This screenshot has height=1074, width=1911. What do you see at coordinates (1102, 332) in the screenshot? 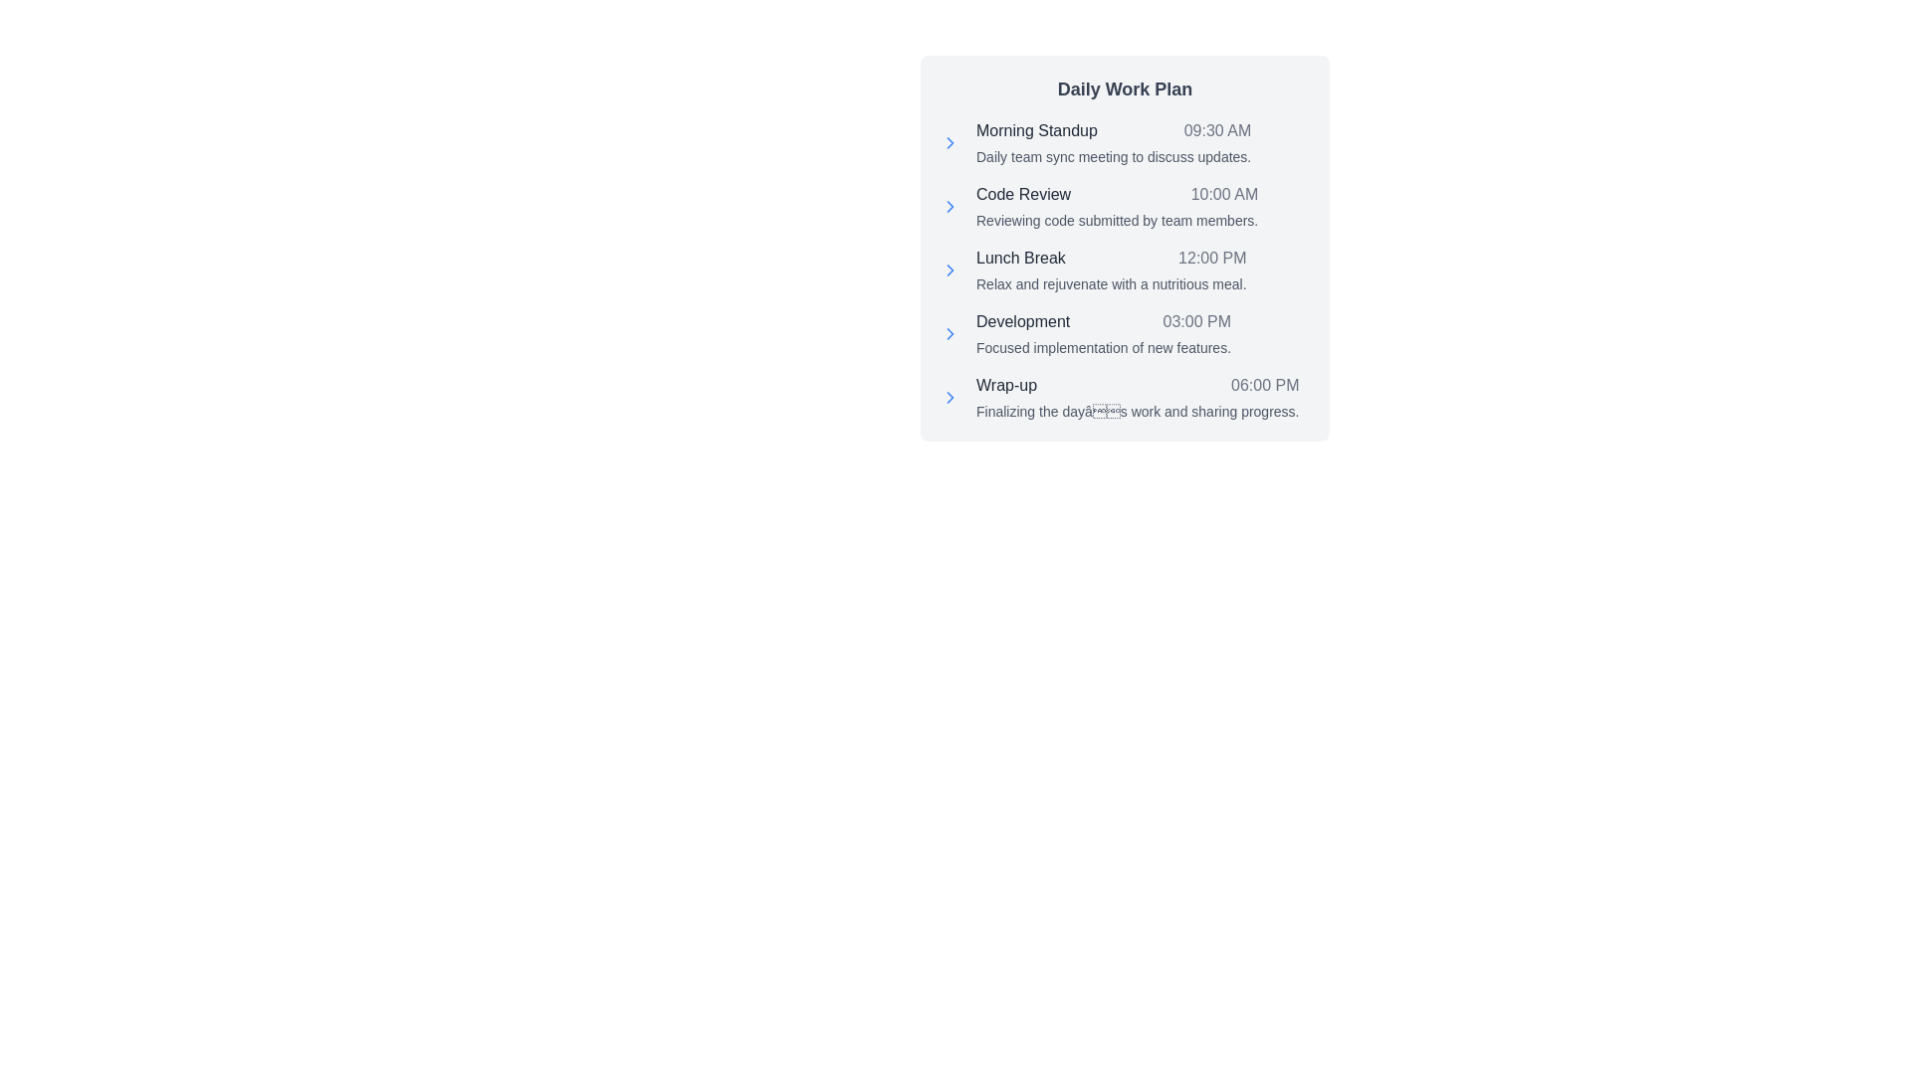
I see `the list item titled 'Development' which includes the time '03:00 PM' and the description 'Focused implementation of new features.'` at bounding box center [1102, 332].